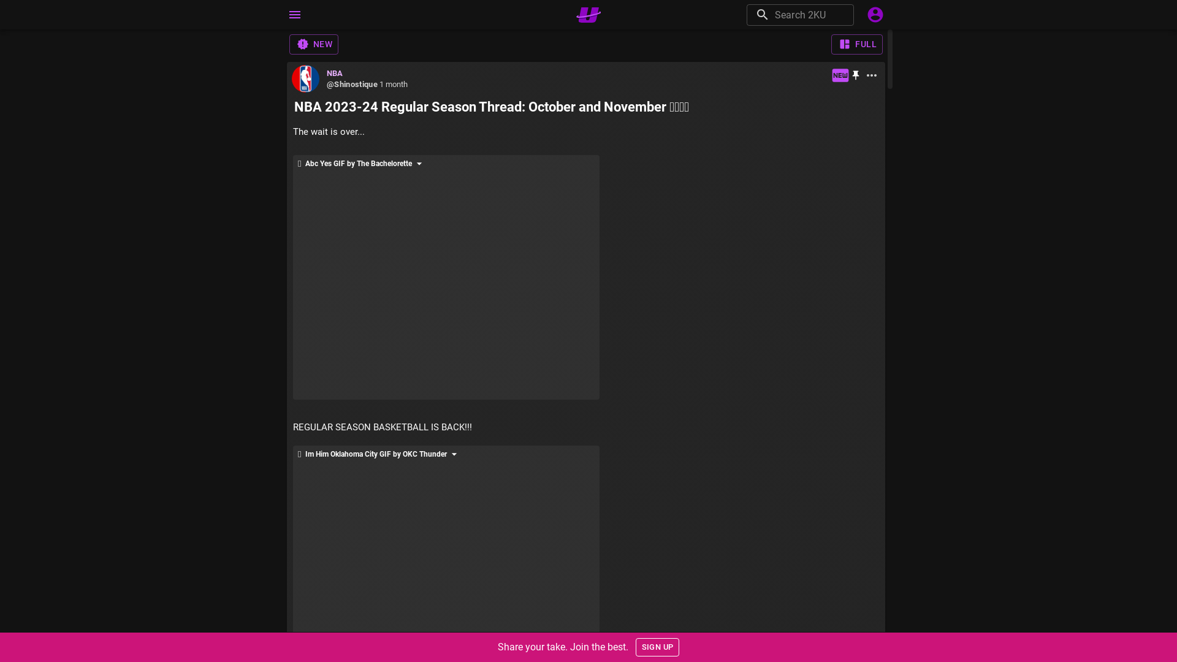  I want to click on 'SIGN UP', so click(635, 647).